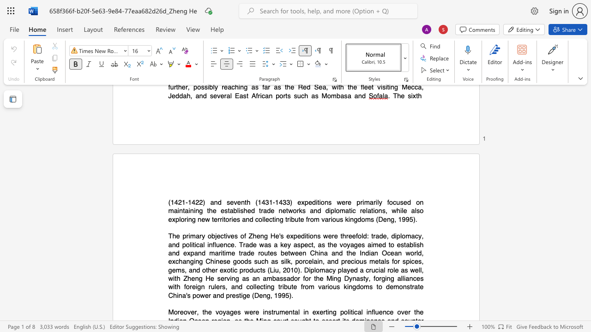 Image resolution: width=591 pixels, height=332 pixels. I want to click on the subset text "te" within the text "demonstrate", so click(417, 286).